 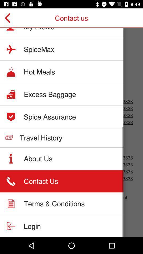 I want to click on travel history item, so click(x=41, y=137).